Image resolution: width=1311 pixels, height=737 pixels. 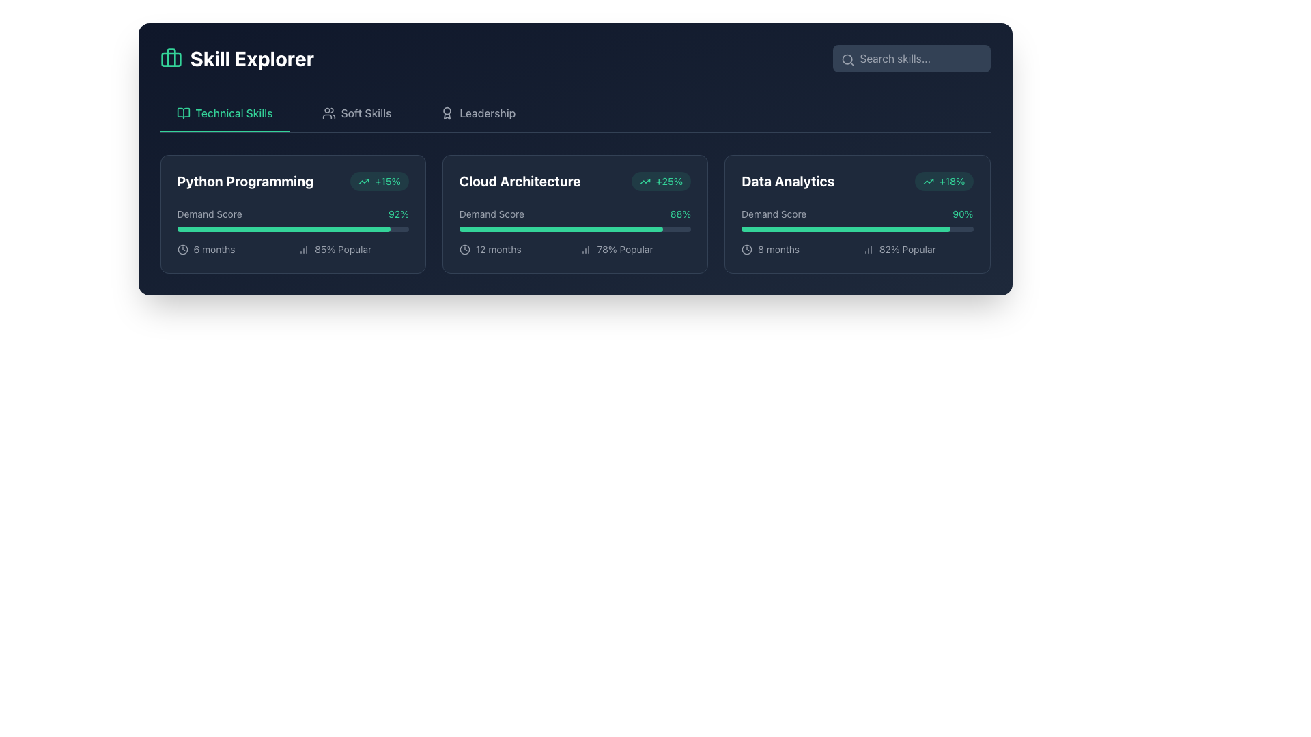 What do you see at coordinates (911, 57) in the screenshot?
I see `the search input field located` at bounding box center [911, 57].